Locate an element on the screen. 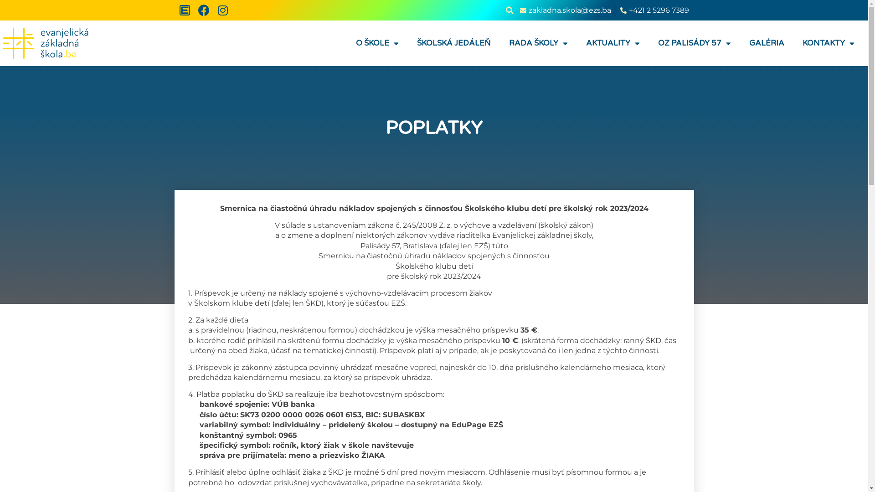 Image resolution: width=875 pixels, height=492 pixels. '+421 2 5296 7389' is located at coordinates (619, 10).